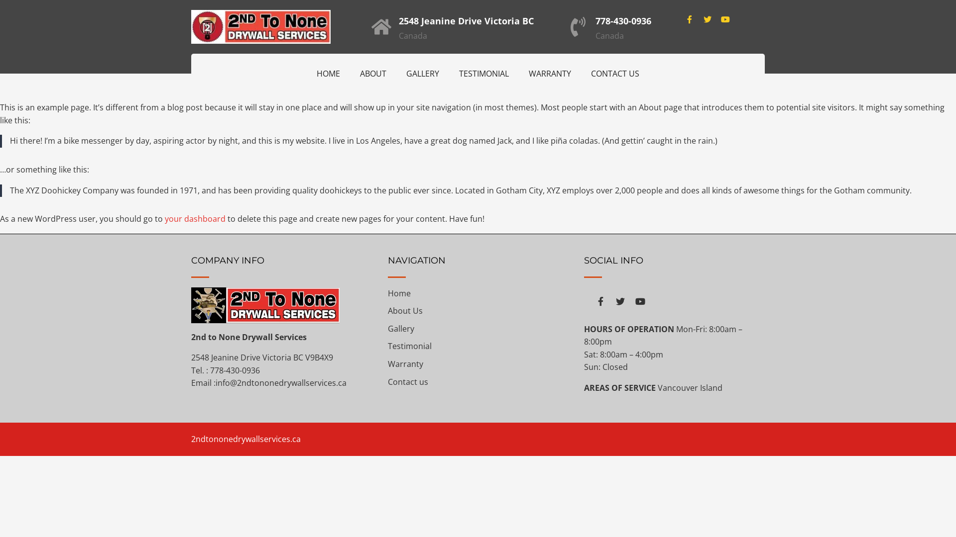  Describe the element at coordinates (408, 381) in the screenshot. I see `'Contact us'` at that location.